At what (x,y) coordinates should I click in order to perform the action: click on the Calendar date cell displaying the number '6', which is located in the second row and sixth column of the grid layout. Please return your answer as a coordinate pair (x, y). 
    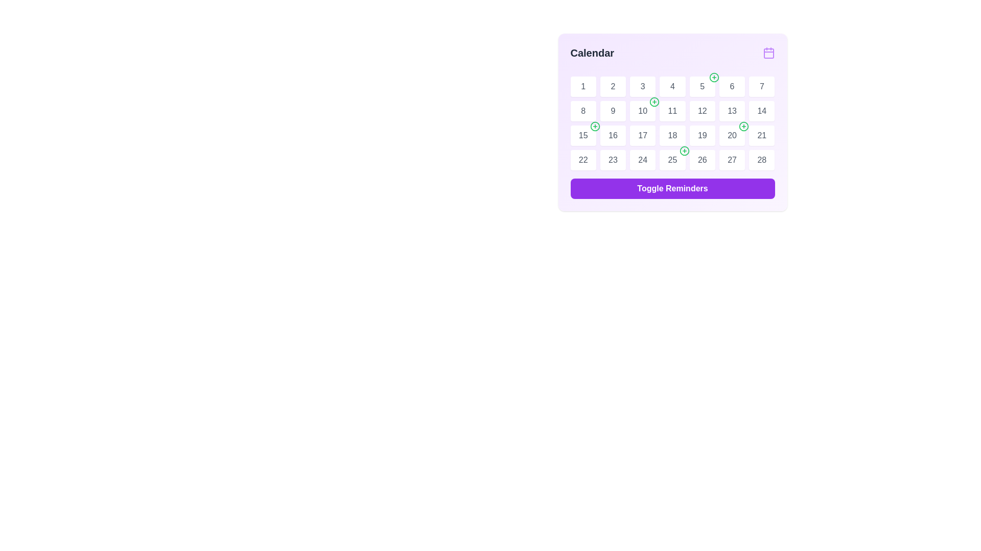
    Looking at the image, I should click on (732, 86).